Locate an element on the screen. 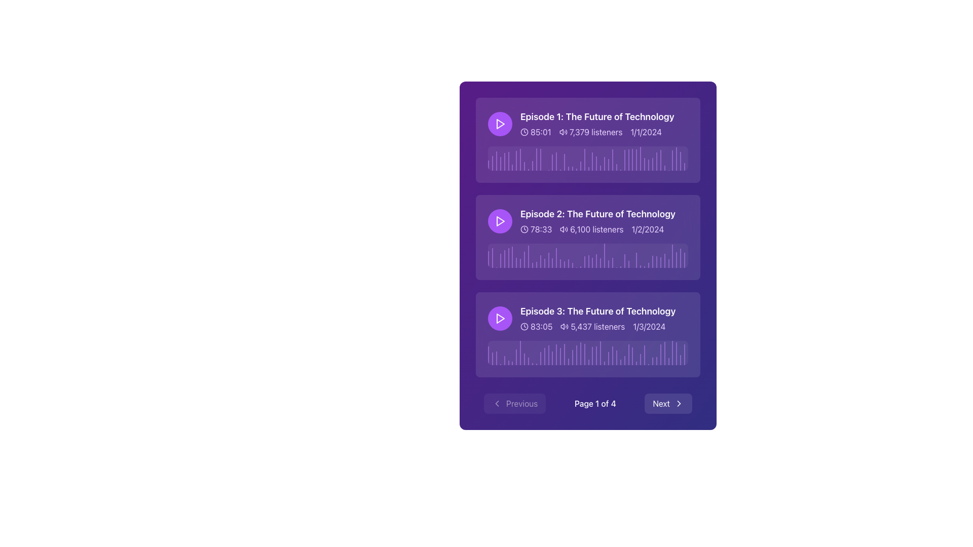  the Playback Progress Indicator, a thin vertical purple bar with a translucent effect located within the waveform visualization of the third episodic card is located at coordinates (556, 354).